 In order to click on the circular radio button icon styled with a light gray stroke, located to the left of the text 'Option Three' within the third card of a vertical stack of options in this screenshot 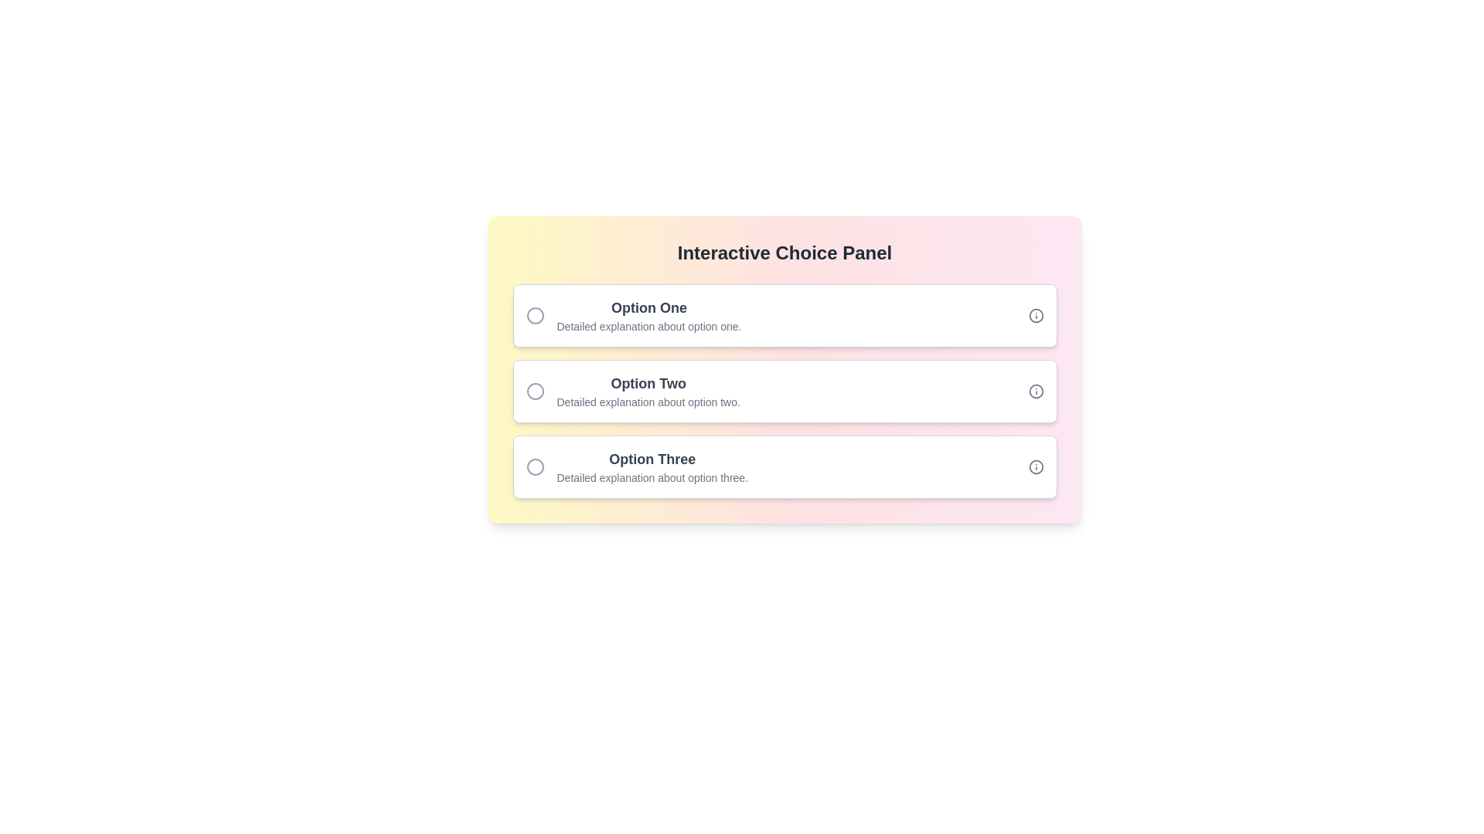, I will do `click(541, 466)`.